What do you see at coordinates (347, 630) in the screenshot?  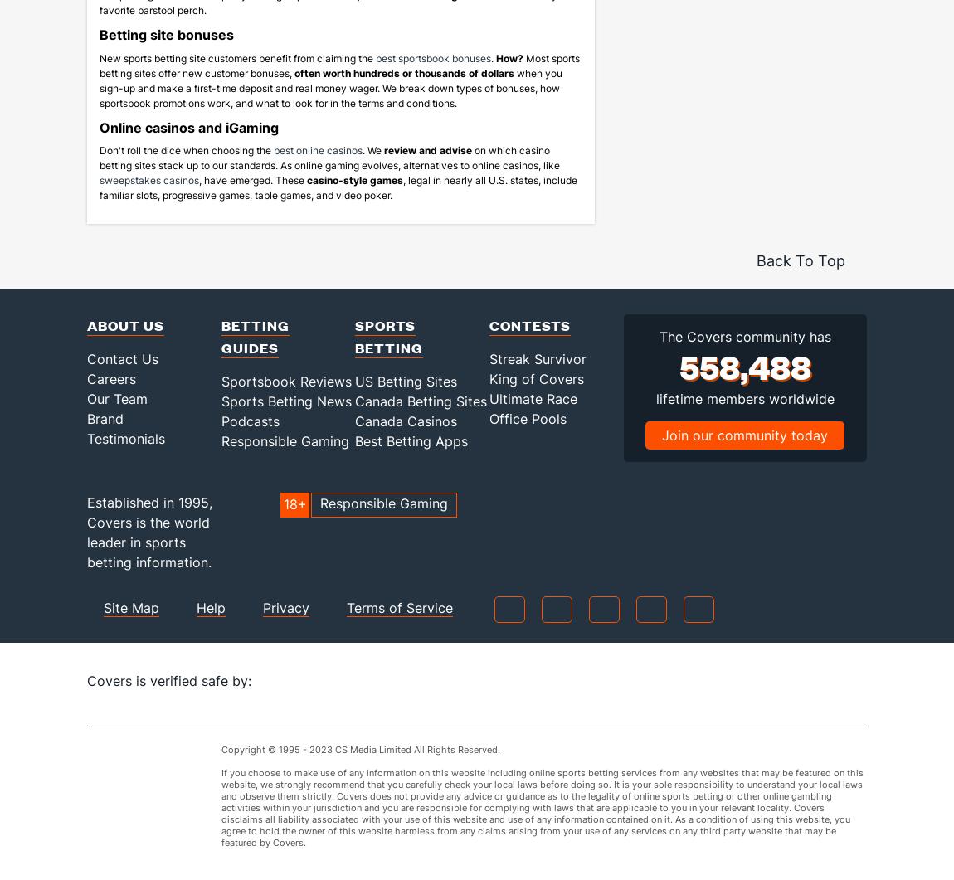 I see `'Terms of Service'` at bounding box center [347, 630].